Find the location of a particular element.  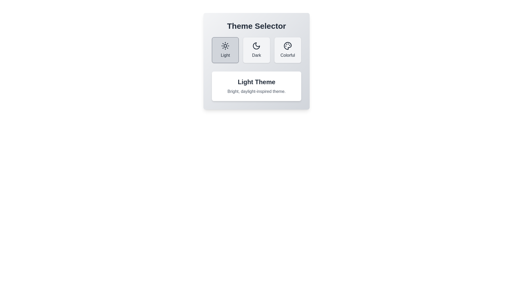

text element displaying 'Light Theme', which is styled with a large font size, bold weight, and centered alignment, located within a bordered card below the theme options is located at coordinates (256, 82).